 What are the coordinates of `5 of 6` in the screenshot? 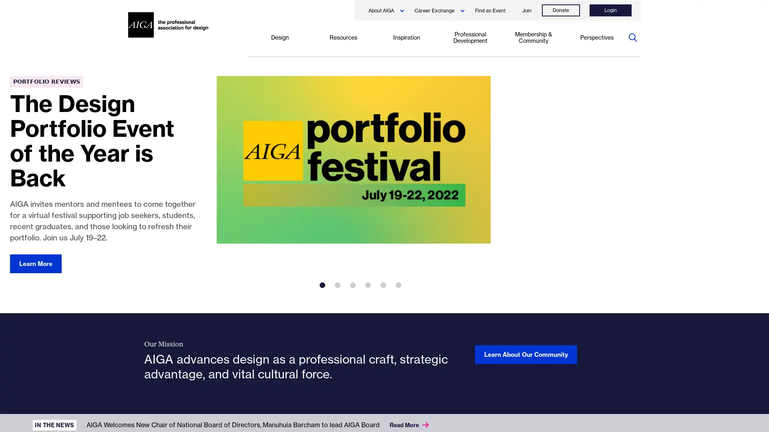 It's located at (382, 285).